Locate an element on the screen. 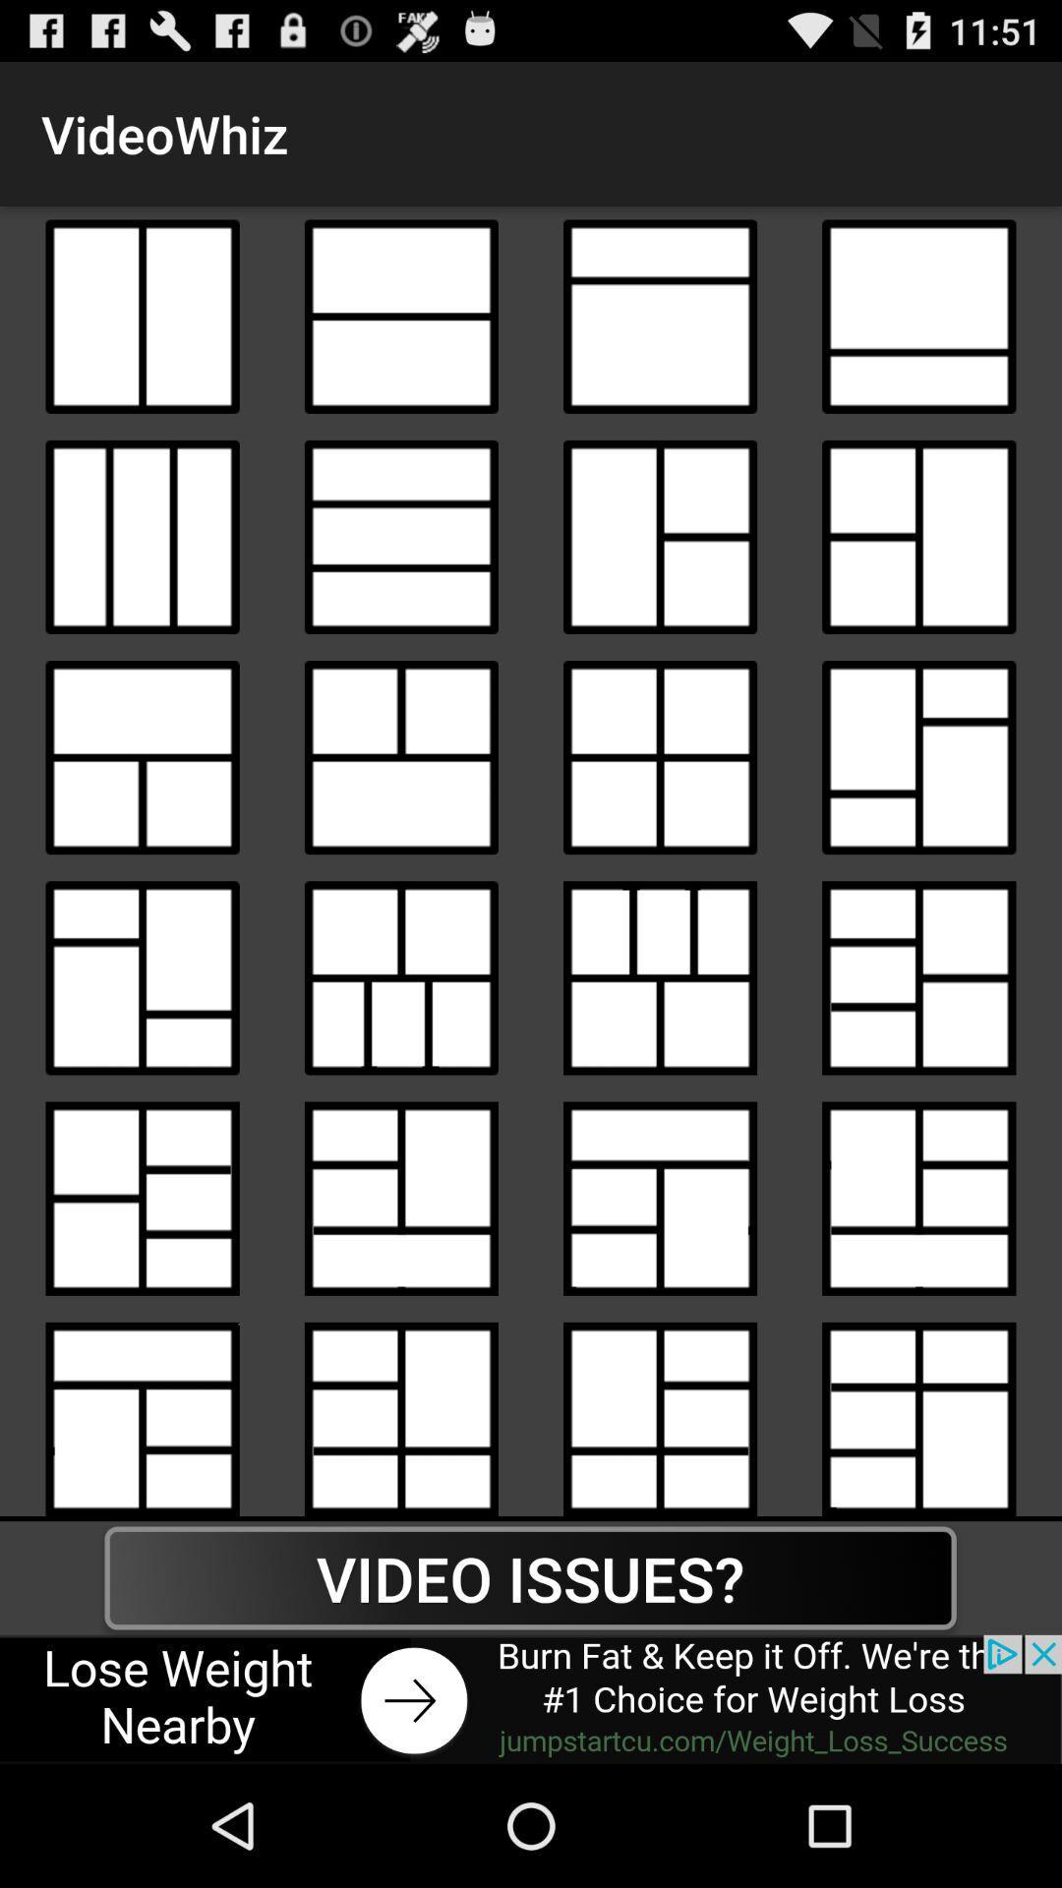  layout option is located at coordinates (142, 1411).